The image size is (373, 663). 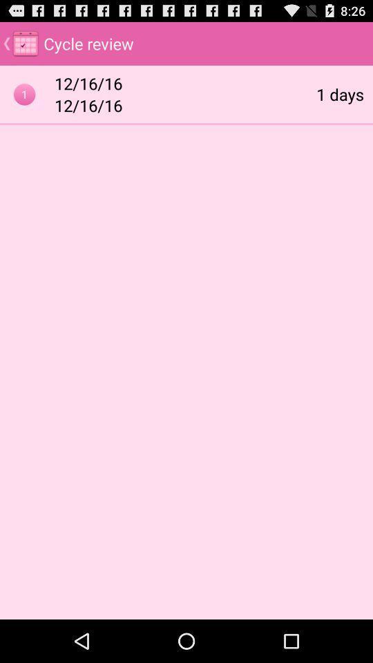 I want to click on the 1 days app, so click(x=339, y=93).